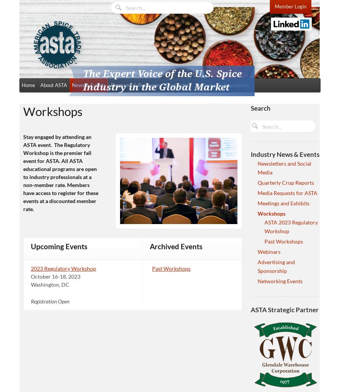  I want to click on 'Supply Chain Responsibility', so click(132, 132).